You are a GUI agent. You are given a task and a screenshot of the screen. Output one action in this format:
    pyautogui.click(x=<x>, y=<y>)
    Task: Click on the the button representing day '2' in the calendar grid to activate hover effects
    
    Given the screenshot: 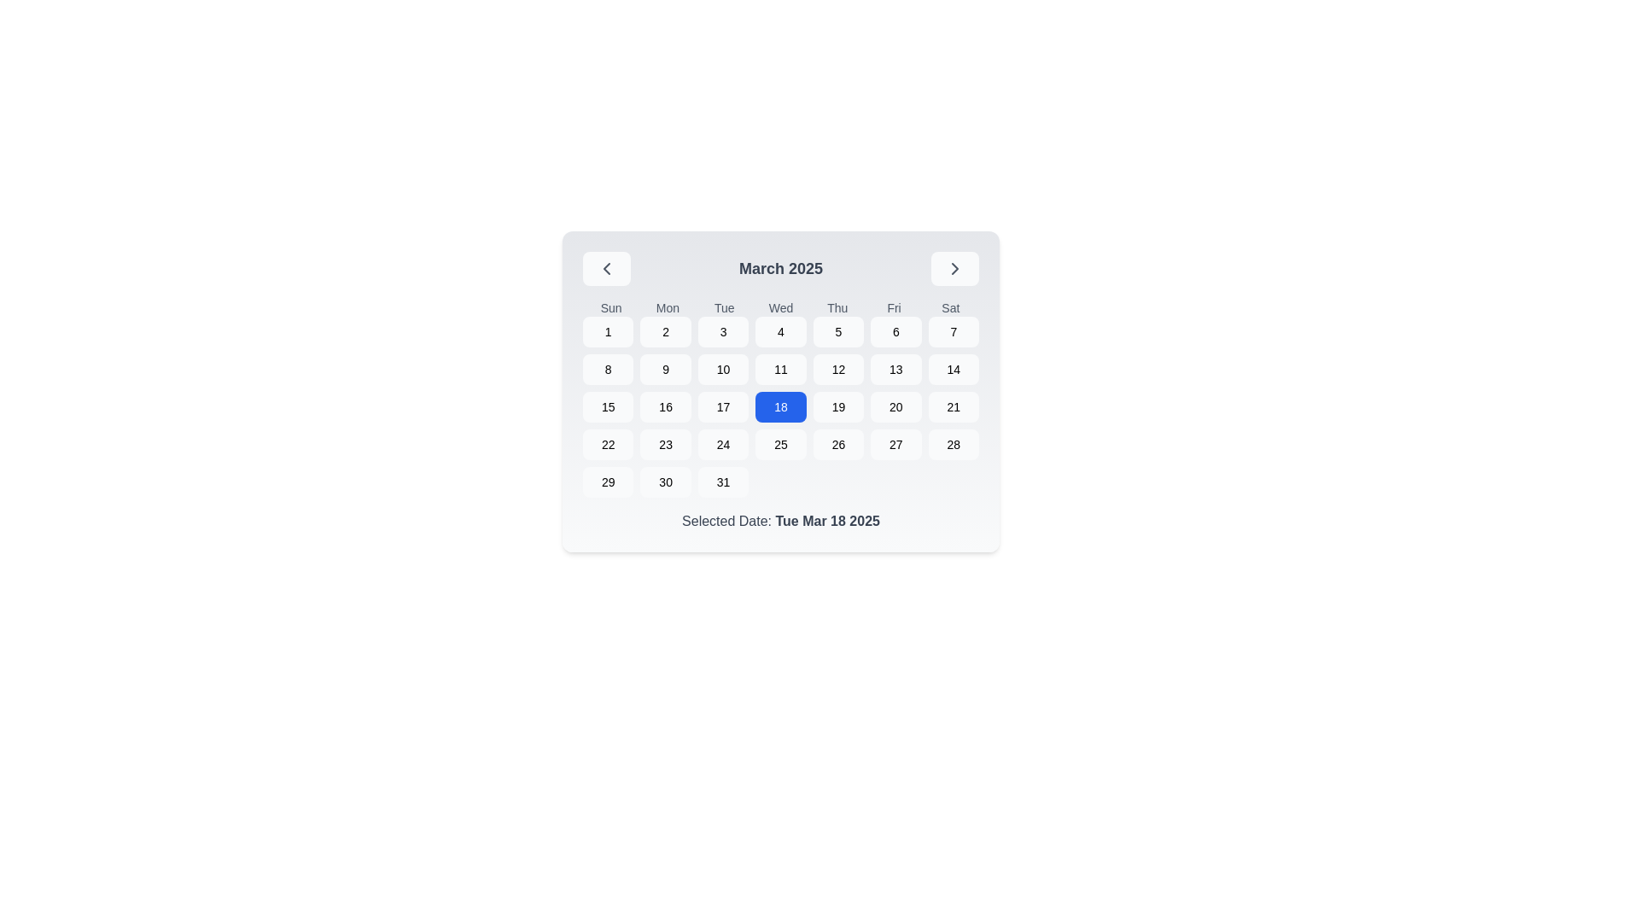 What is the action you would take?
    pyautogui.click(x=665, y=332)
    